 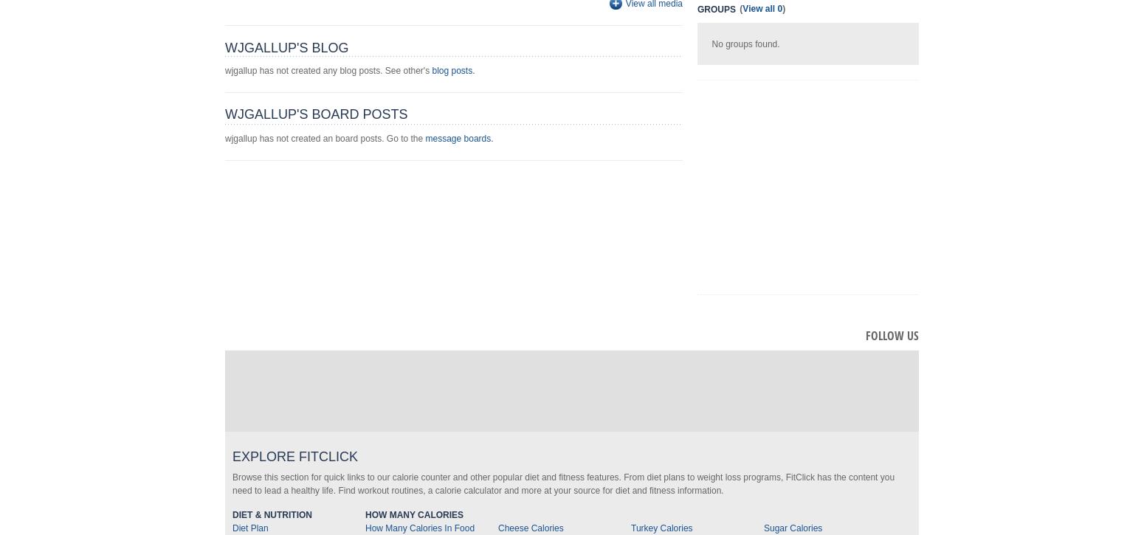 I want to click on 'How Many Calories In Food', so click(x=420, y=528).